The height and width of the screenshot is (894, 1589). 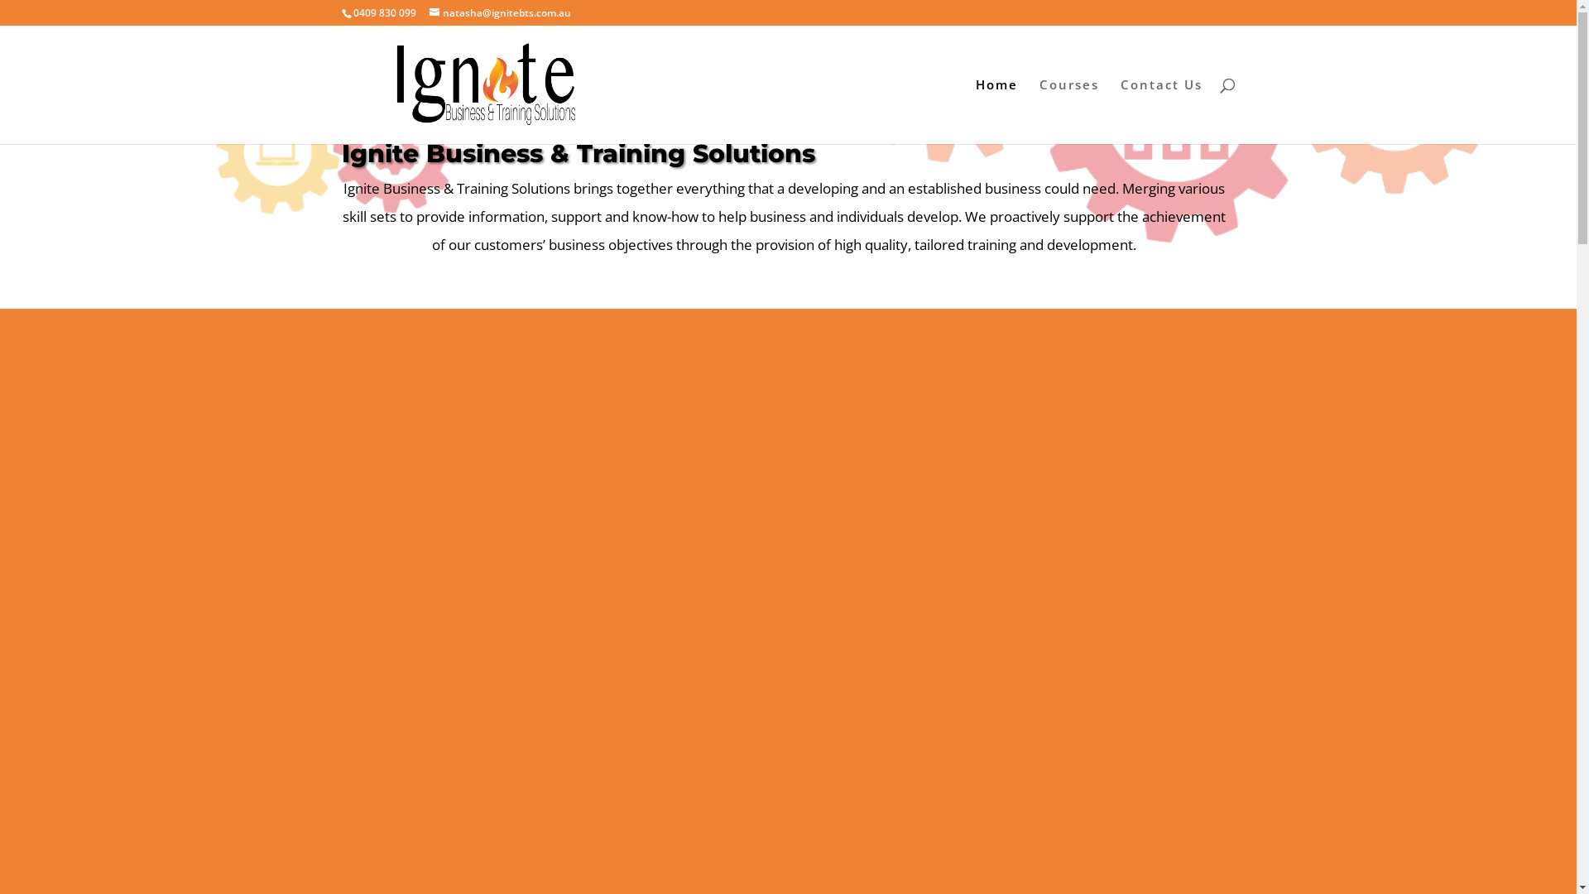 What do you see at coordinates (995, 111) in the screenshot?
I see `'Home'` at bounding box center [995, 111].